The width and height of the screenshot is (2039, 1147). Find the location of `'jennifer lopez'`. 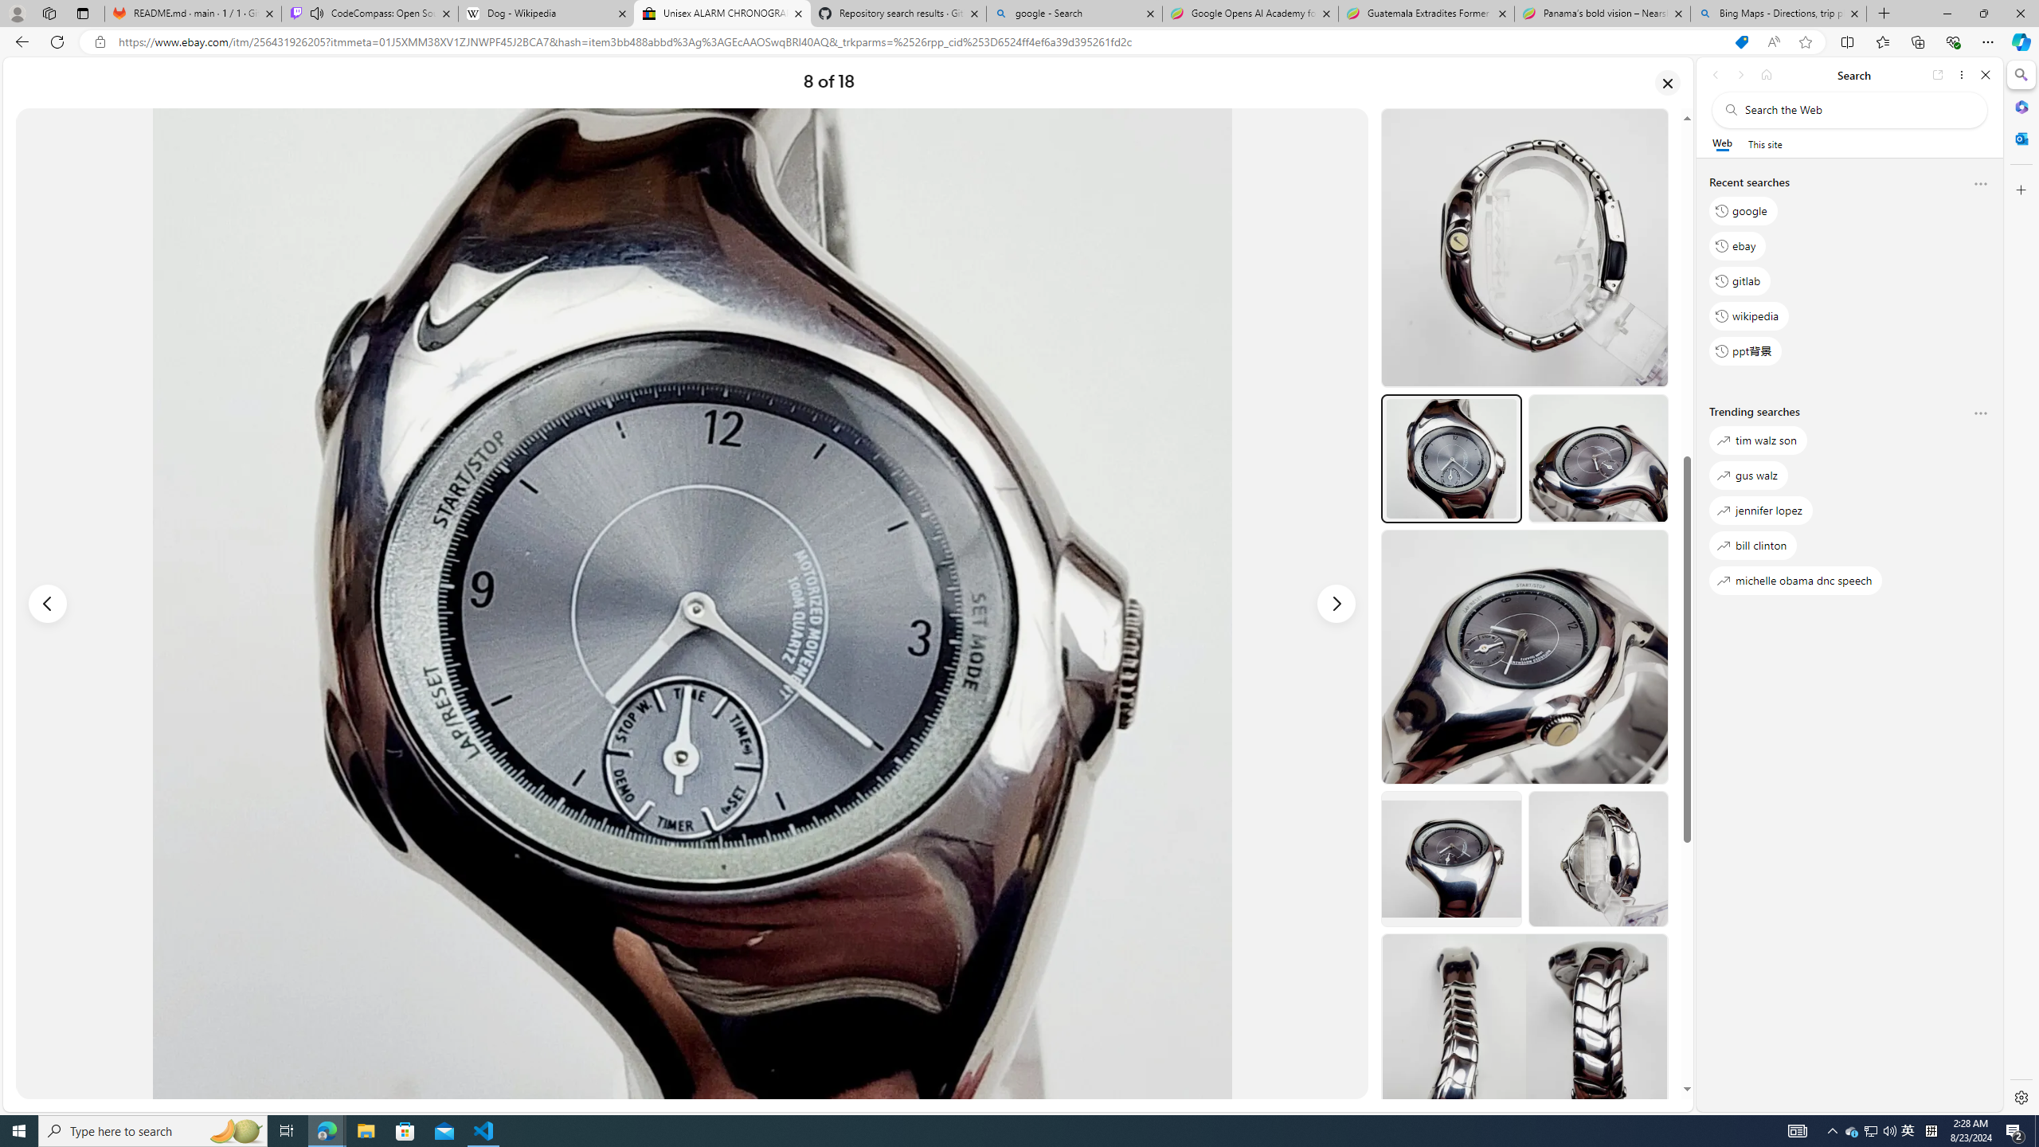

'jennifer lopez' is located at coordinates (1759, 510).